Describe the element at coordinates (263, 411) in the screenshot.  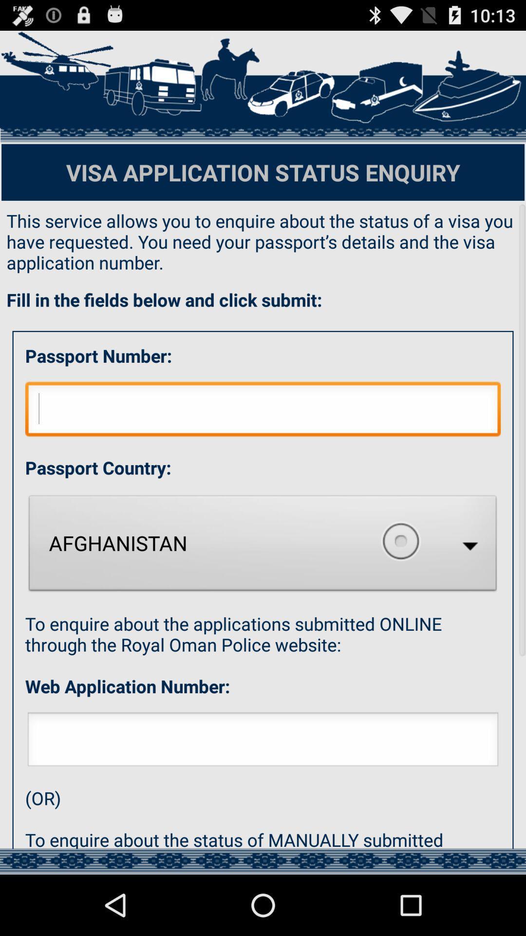
I see `passport icon` at that location.